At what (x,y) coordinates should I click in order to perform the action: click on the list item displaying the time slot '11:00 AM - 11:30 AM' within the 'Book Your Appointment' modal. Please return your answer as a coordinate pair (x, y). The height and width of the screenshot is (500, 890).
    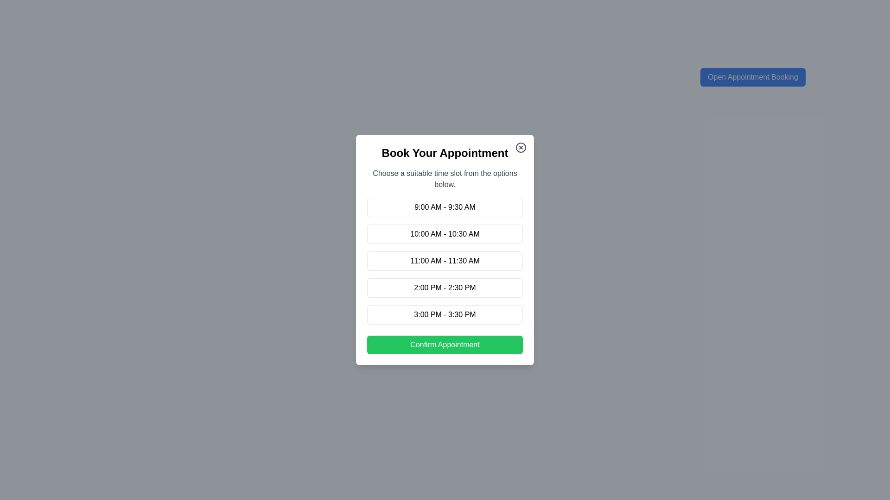
    Looking at the image, I should click on (445, 261).